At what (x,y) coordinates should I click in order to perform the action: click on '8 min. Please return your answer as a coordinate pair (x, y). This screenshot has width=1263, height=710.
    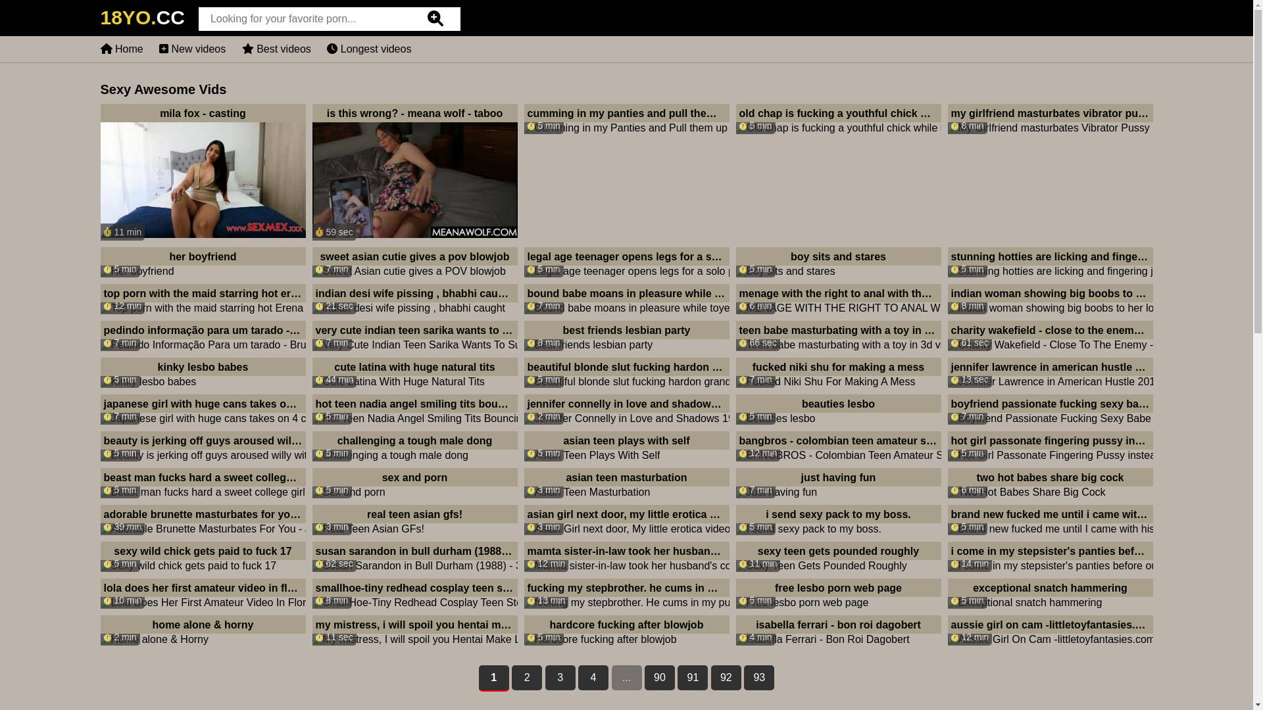
    Looking at the image, I should click on (1049, 119).